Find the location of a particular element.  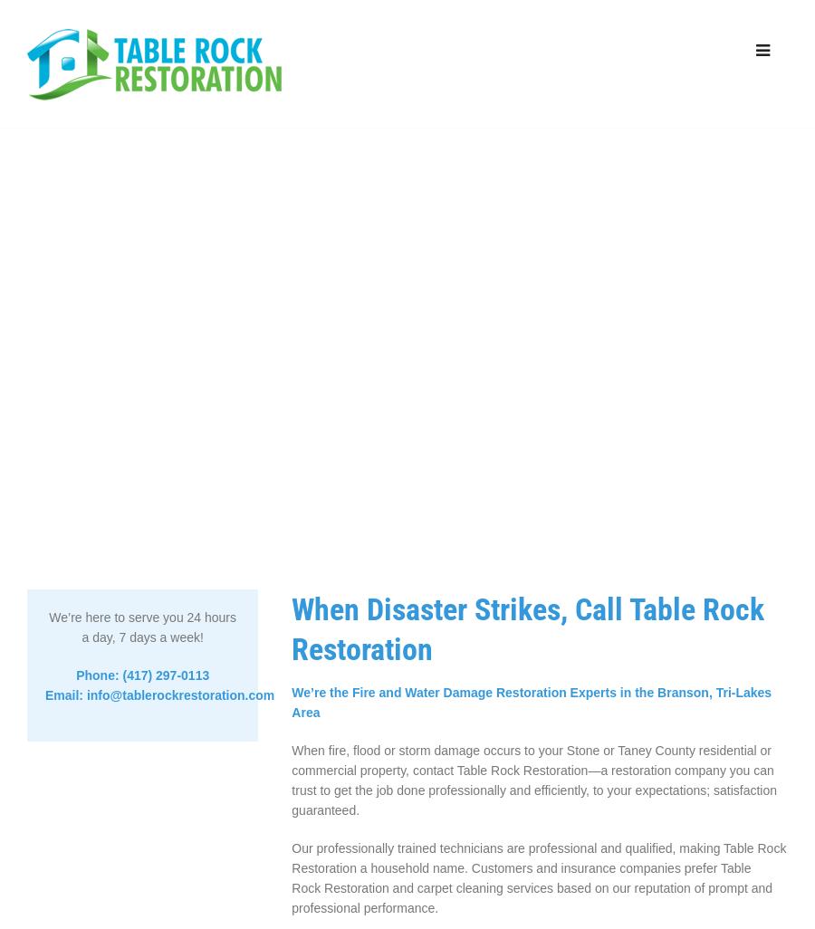

'Our professionally trained technicians are professional and qualified, making Table Rock Restoration a household name. Customers and insurance companies prefer Table Rock Restoration and carpet cleaning services based on our reputation of prompt and professional performance.' is located at coordinates (538, 877).